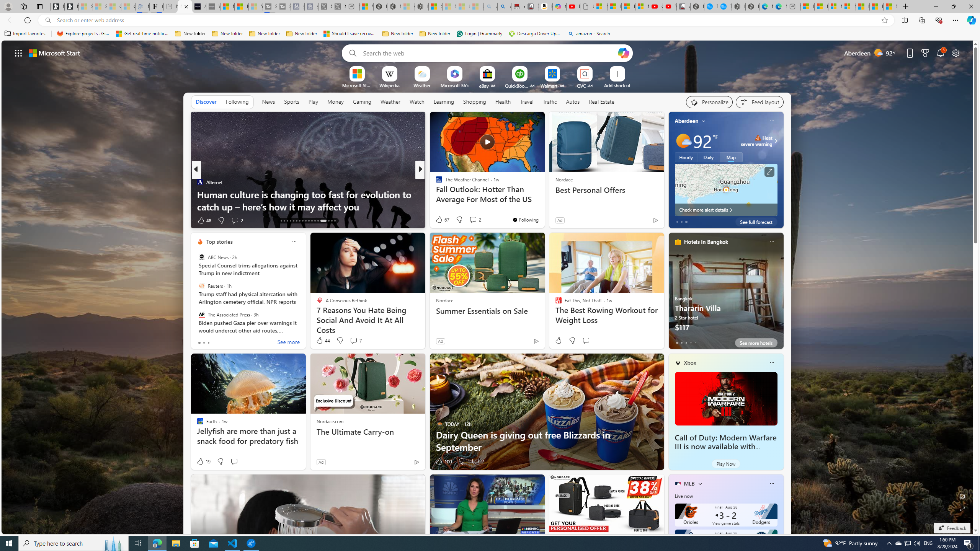  What do you see at coordinates (970, 6) in the screenshot?
I see `'Close'` at bounding box center [970, 6].